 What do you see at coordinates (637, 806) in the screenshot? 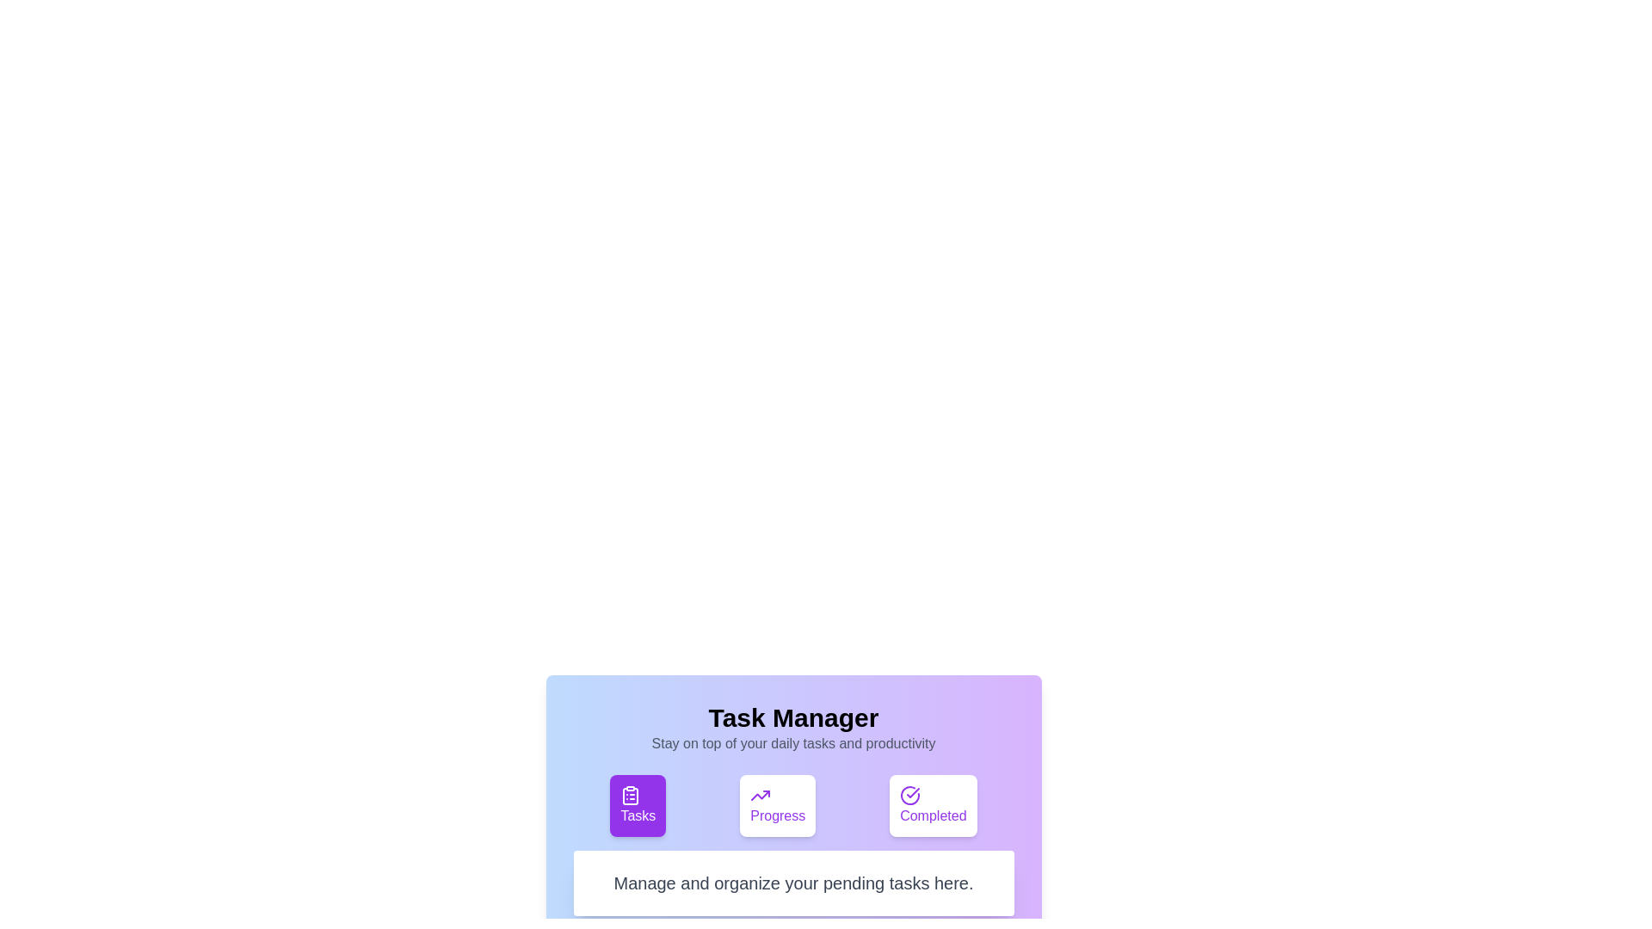
I see `the Tasks tab` at bounding box center [637, 806].